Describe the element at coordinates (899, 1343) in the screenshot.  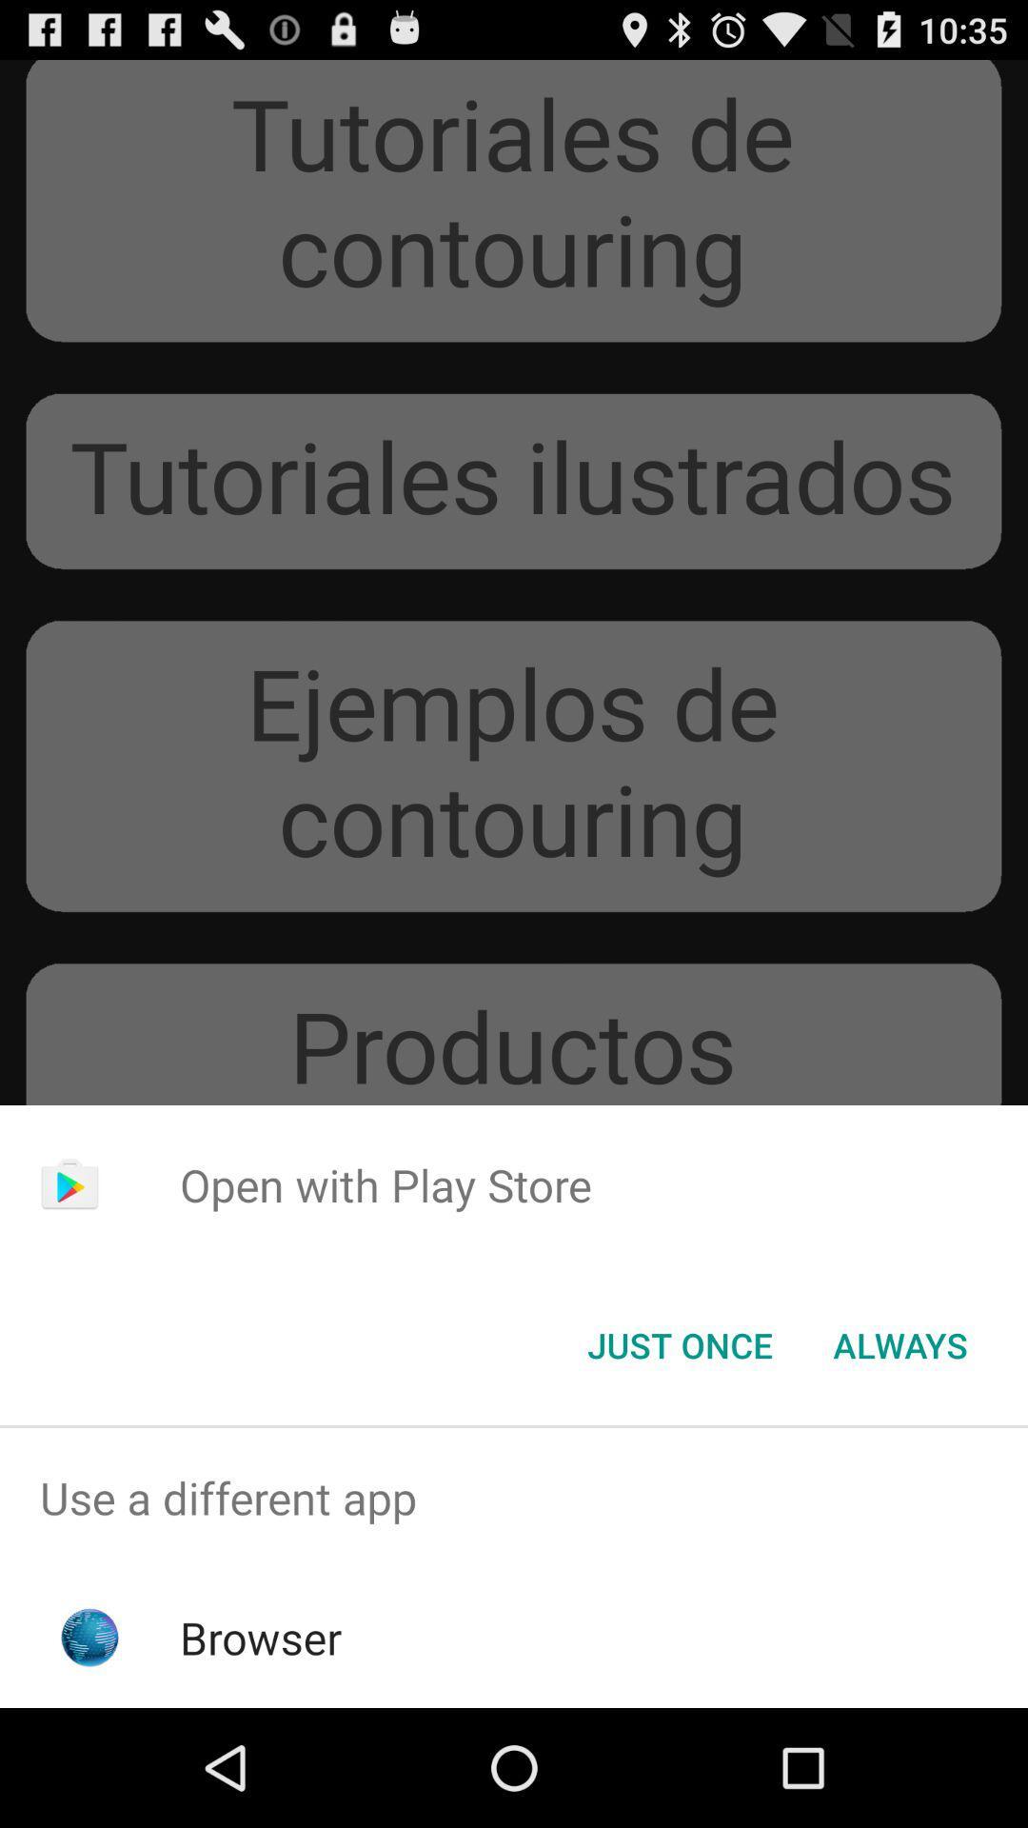
I see `item next to just once` at that location.